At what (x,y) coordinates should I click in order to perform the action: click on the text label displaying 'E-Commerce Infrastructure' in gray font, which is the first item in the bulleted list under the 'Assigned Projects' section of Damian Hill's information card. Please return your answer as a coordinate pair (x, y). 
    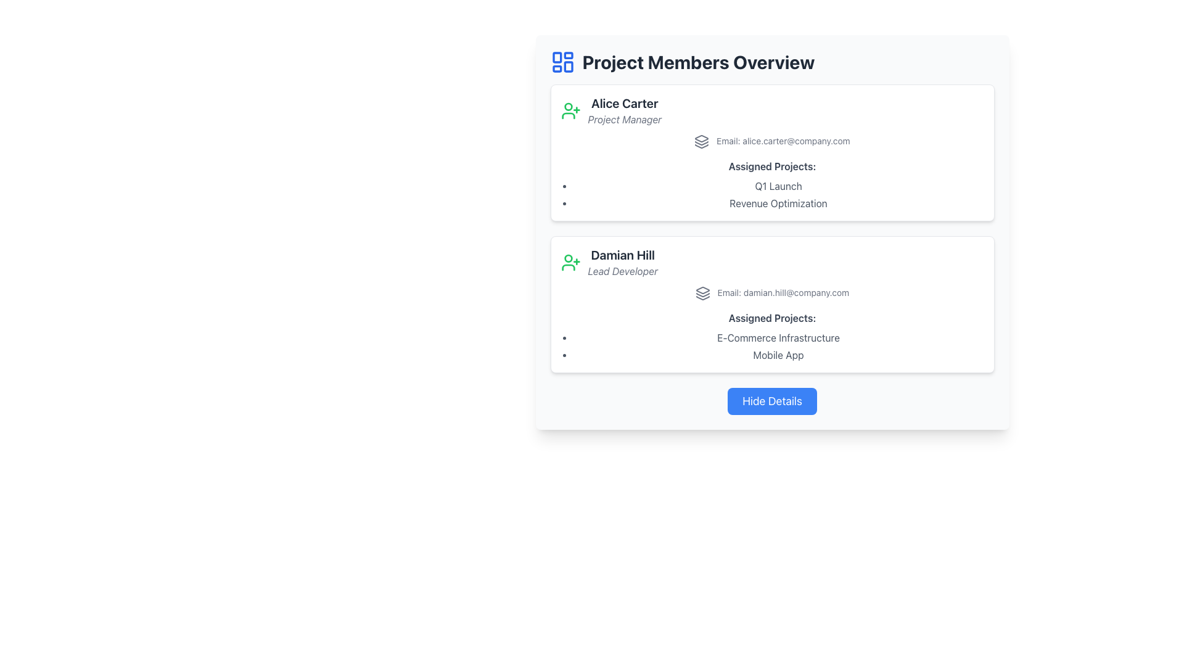
    Looking at the image, I should click on (778, 337).